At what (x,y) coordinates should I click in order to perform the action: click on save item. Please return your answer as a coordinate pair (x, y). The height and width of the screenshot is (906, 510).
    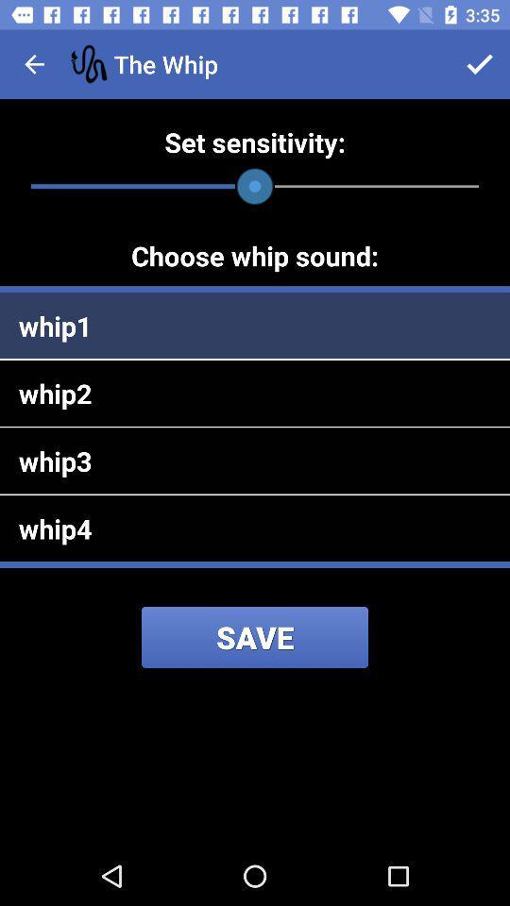
    Looking at the image, I should click on (255, 637).